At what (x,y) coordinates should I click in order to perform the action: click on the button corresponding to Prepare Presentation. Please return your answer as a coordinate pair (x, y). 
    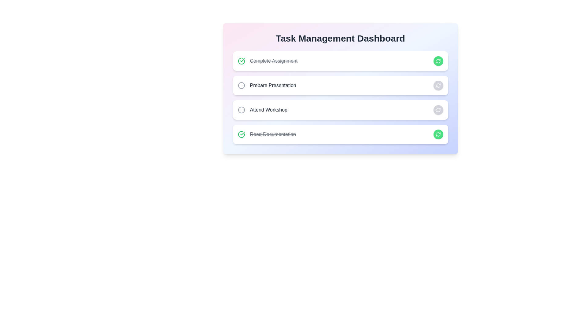
    Looking at the image, I should click on (438, 86).